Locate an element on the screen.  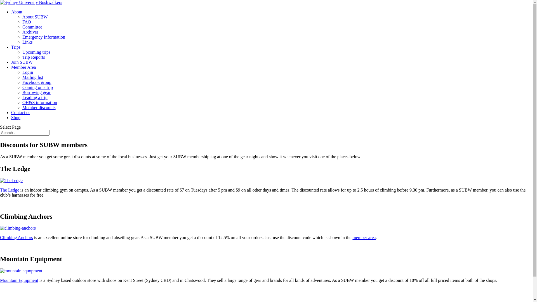
'Shop' is located at coordinates (16, 117).